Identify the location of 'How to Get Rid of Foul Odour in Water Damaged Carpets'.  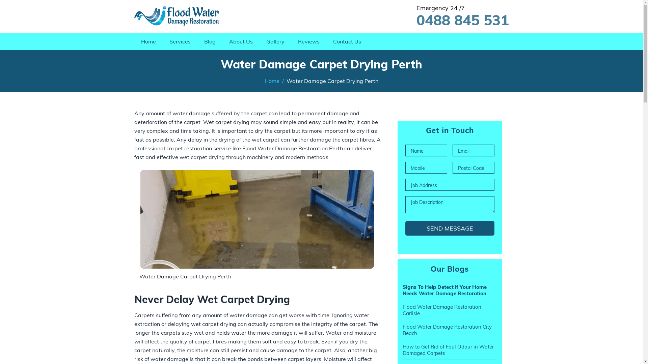
(450, 349).